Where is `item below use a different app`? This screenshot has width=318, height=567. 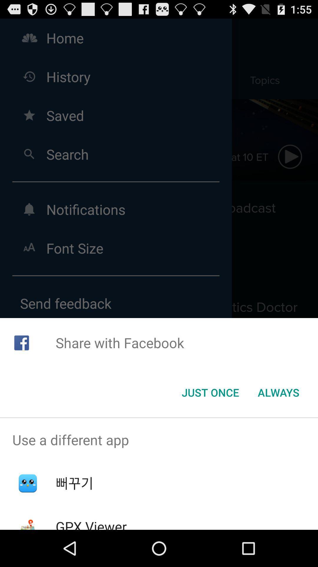
item below use a different app is located at coordinates (74, 483).